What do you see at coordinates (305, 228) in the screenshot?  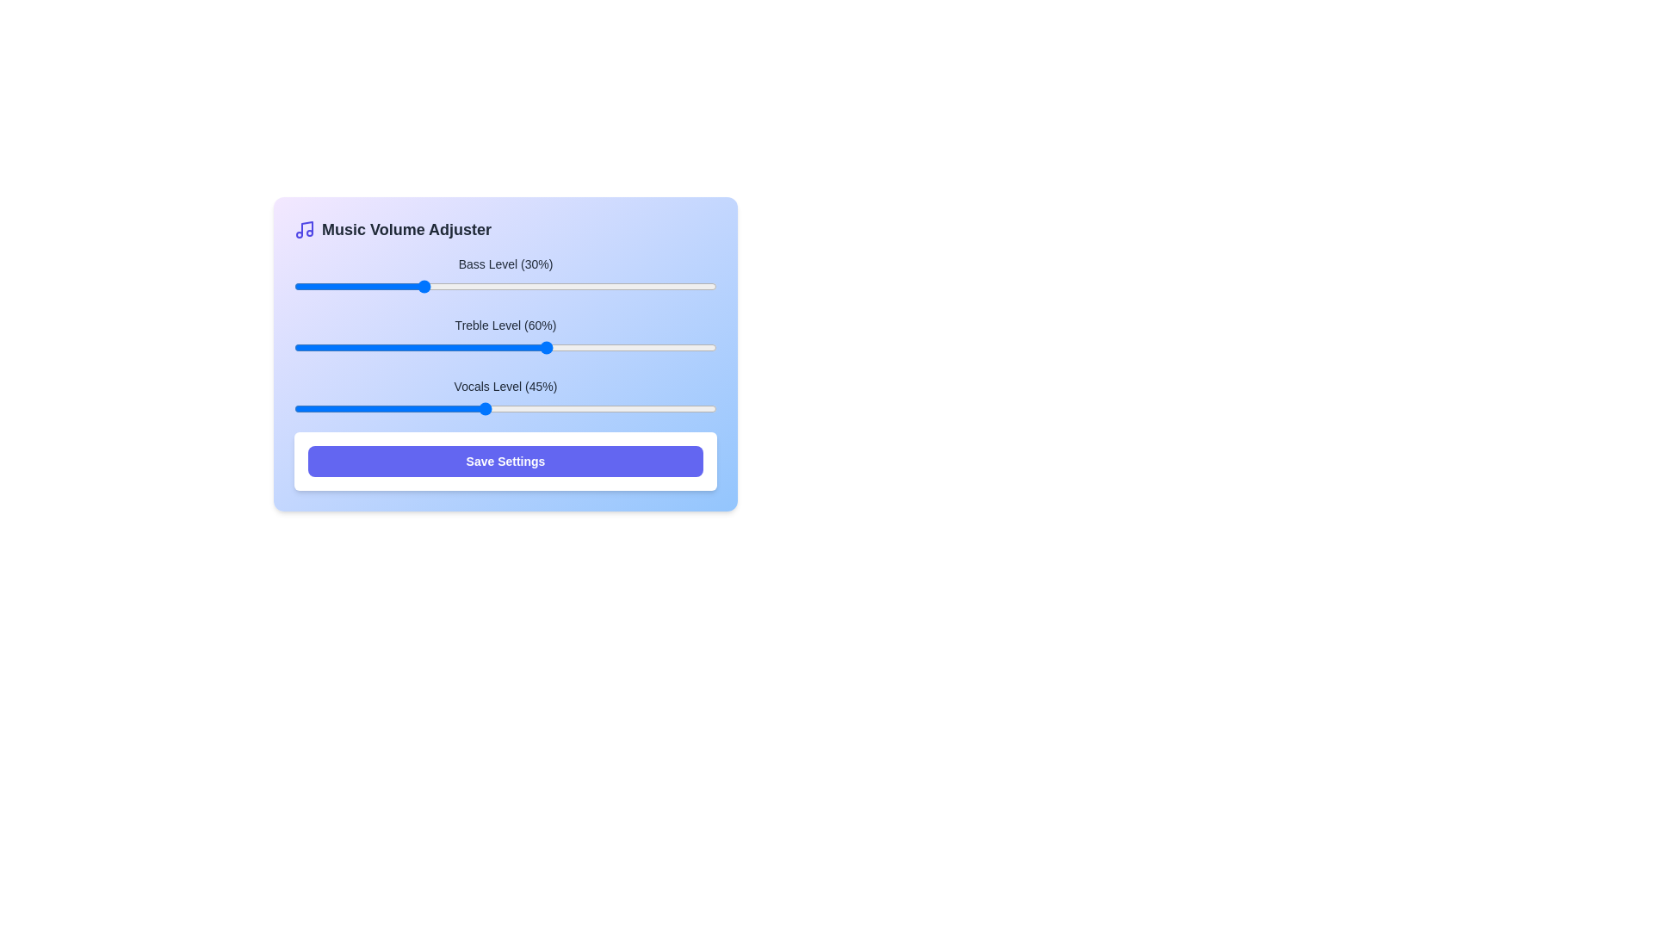 I see `the indigo music-note-themed icon located on the left side of the 'Music Volume Adjuster' header` at bounding box center [305, 228].